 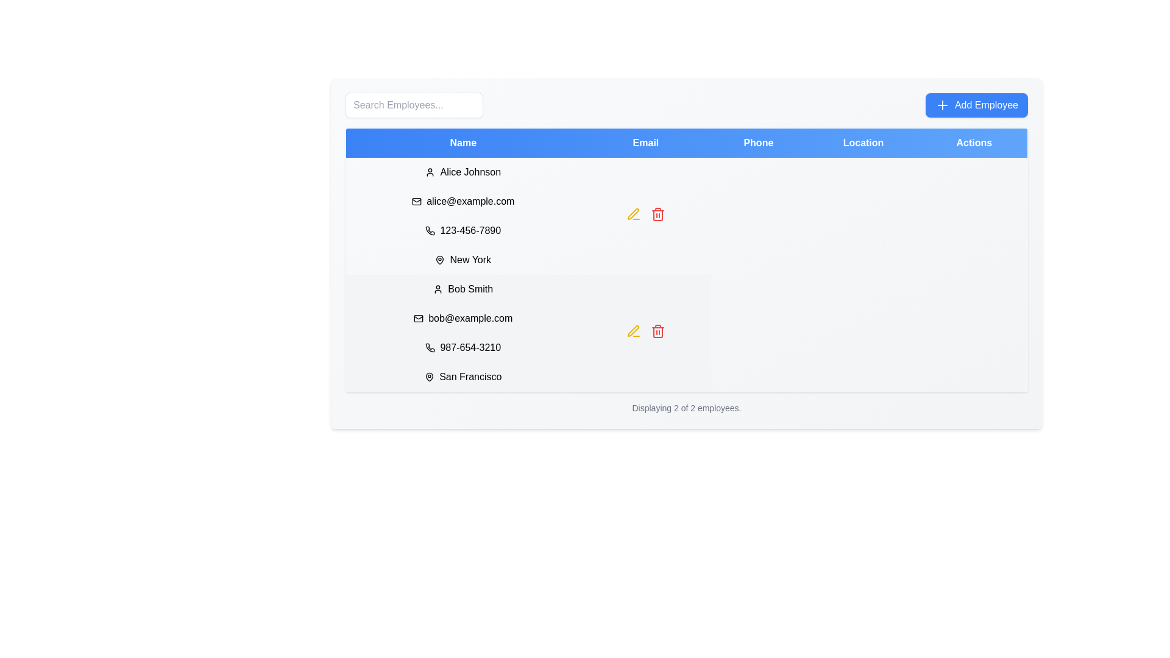 What do you see at coordinates (430, 347) in the screenshot?
I see `the phone icon representing the phone number for the user 'Bob Smith' in the second row of the employees list` at bounding box center [430, 347].